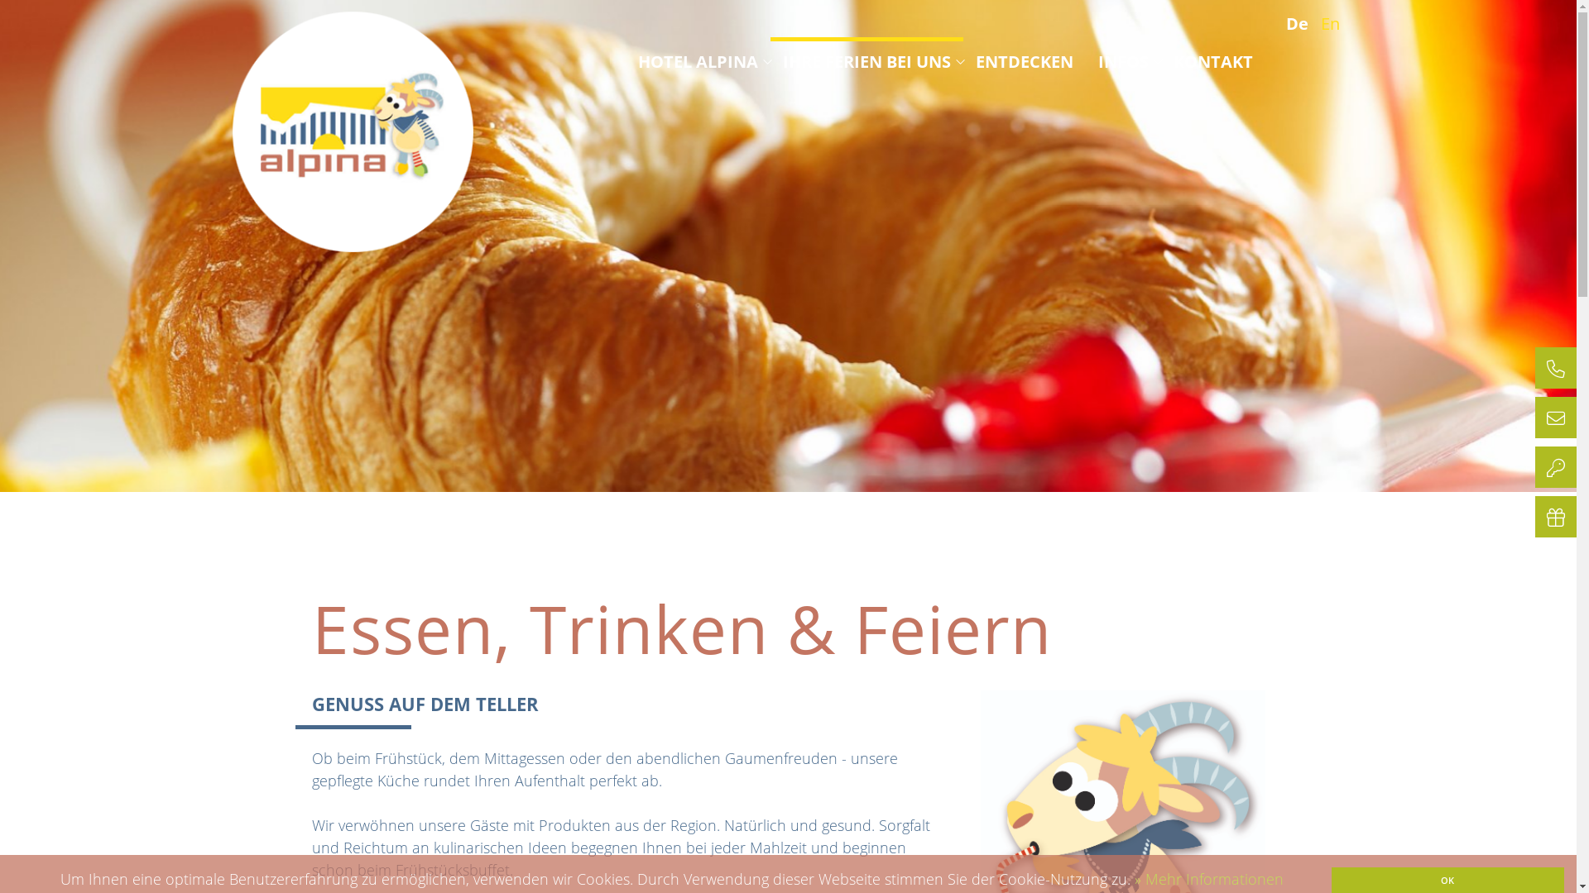 The image size is (1589, 893). What do you see at coordinates (1300, 23) in the screenshot?
I see `'De'` at bounding box center [1300, 23].